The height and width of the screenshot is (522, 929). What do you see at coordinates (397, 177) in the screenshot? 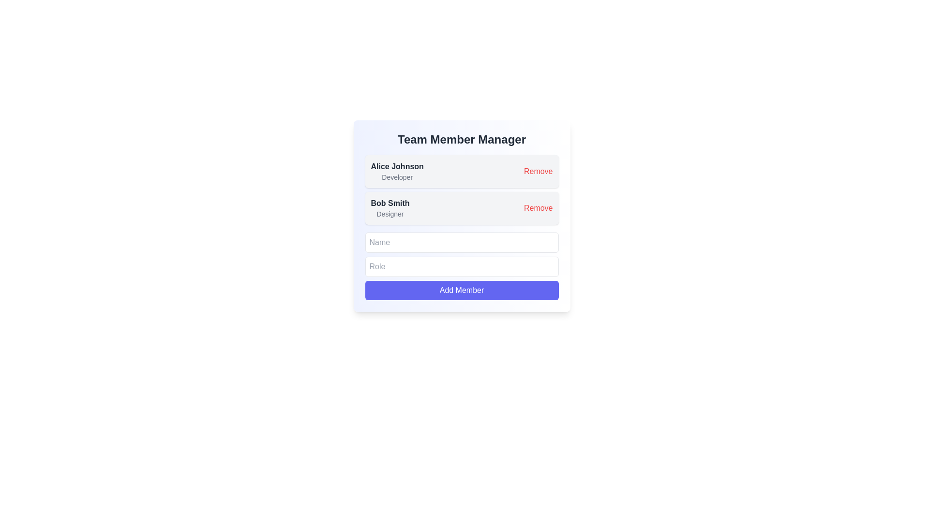
I see `the text label indicating 'Developer' associated with 'Alice Johnson', which is positioned below the name in the team member entry section` at bounding box center [397, 177].